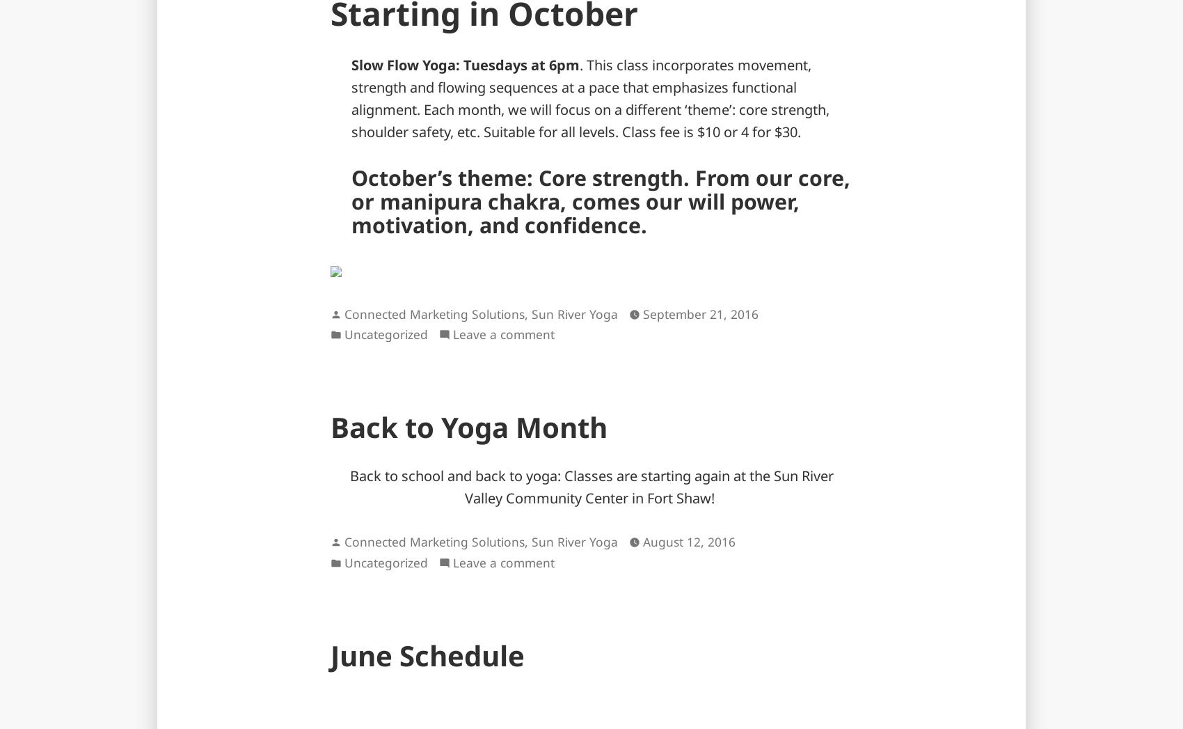 The width and height of the screenshot is (1183, 729). I want to click on '. This class incorporates movement, strength and flowing sequences at a pace that emphasizes functional alignment. Each month, we will focus on a different ‘theme’: core strength, shoulder safety, etc. Suitable for all levels. Class fee is $10 or 4 for $30.', so click(589, 97).